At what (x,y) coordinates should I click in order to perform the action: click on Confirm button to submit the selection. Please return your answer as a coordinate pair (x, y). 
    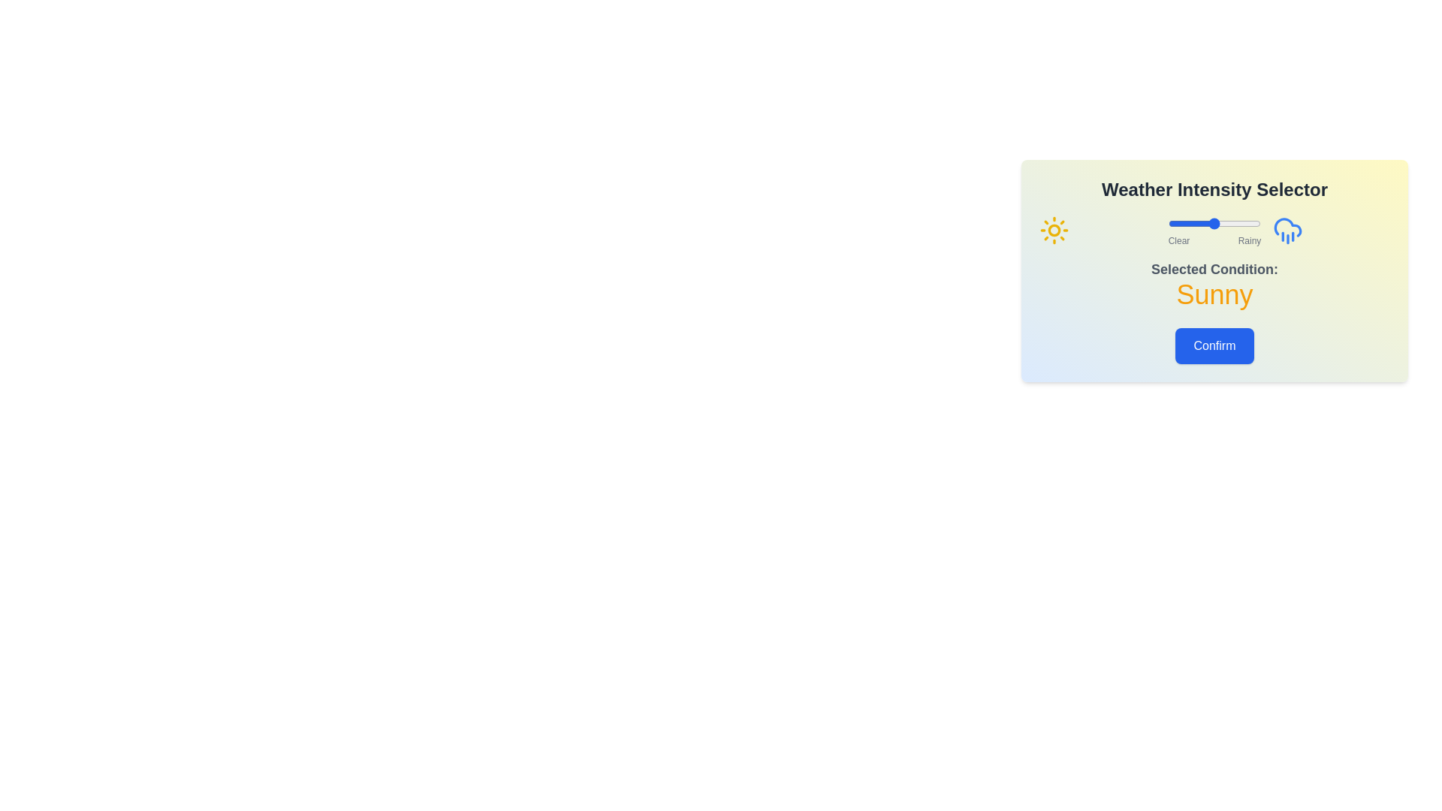
    Looking at the image, I should click on (1214, 346).